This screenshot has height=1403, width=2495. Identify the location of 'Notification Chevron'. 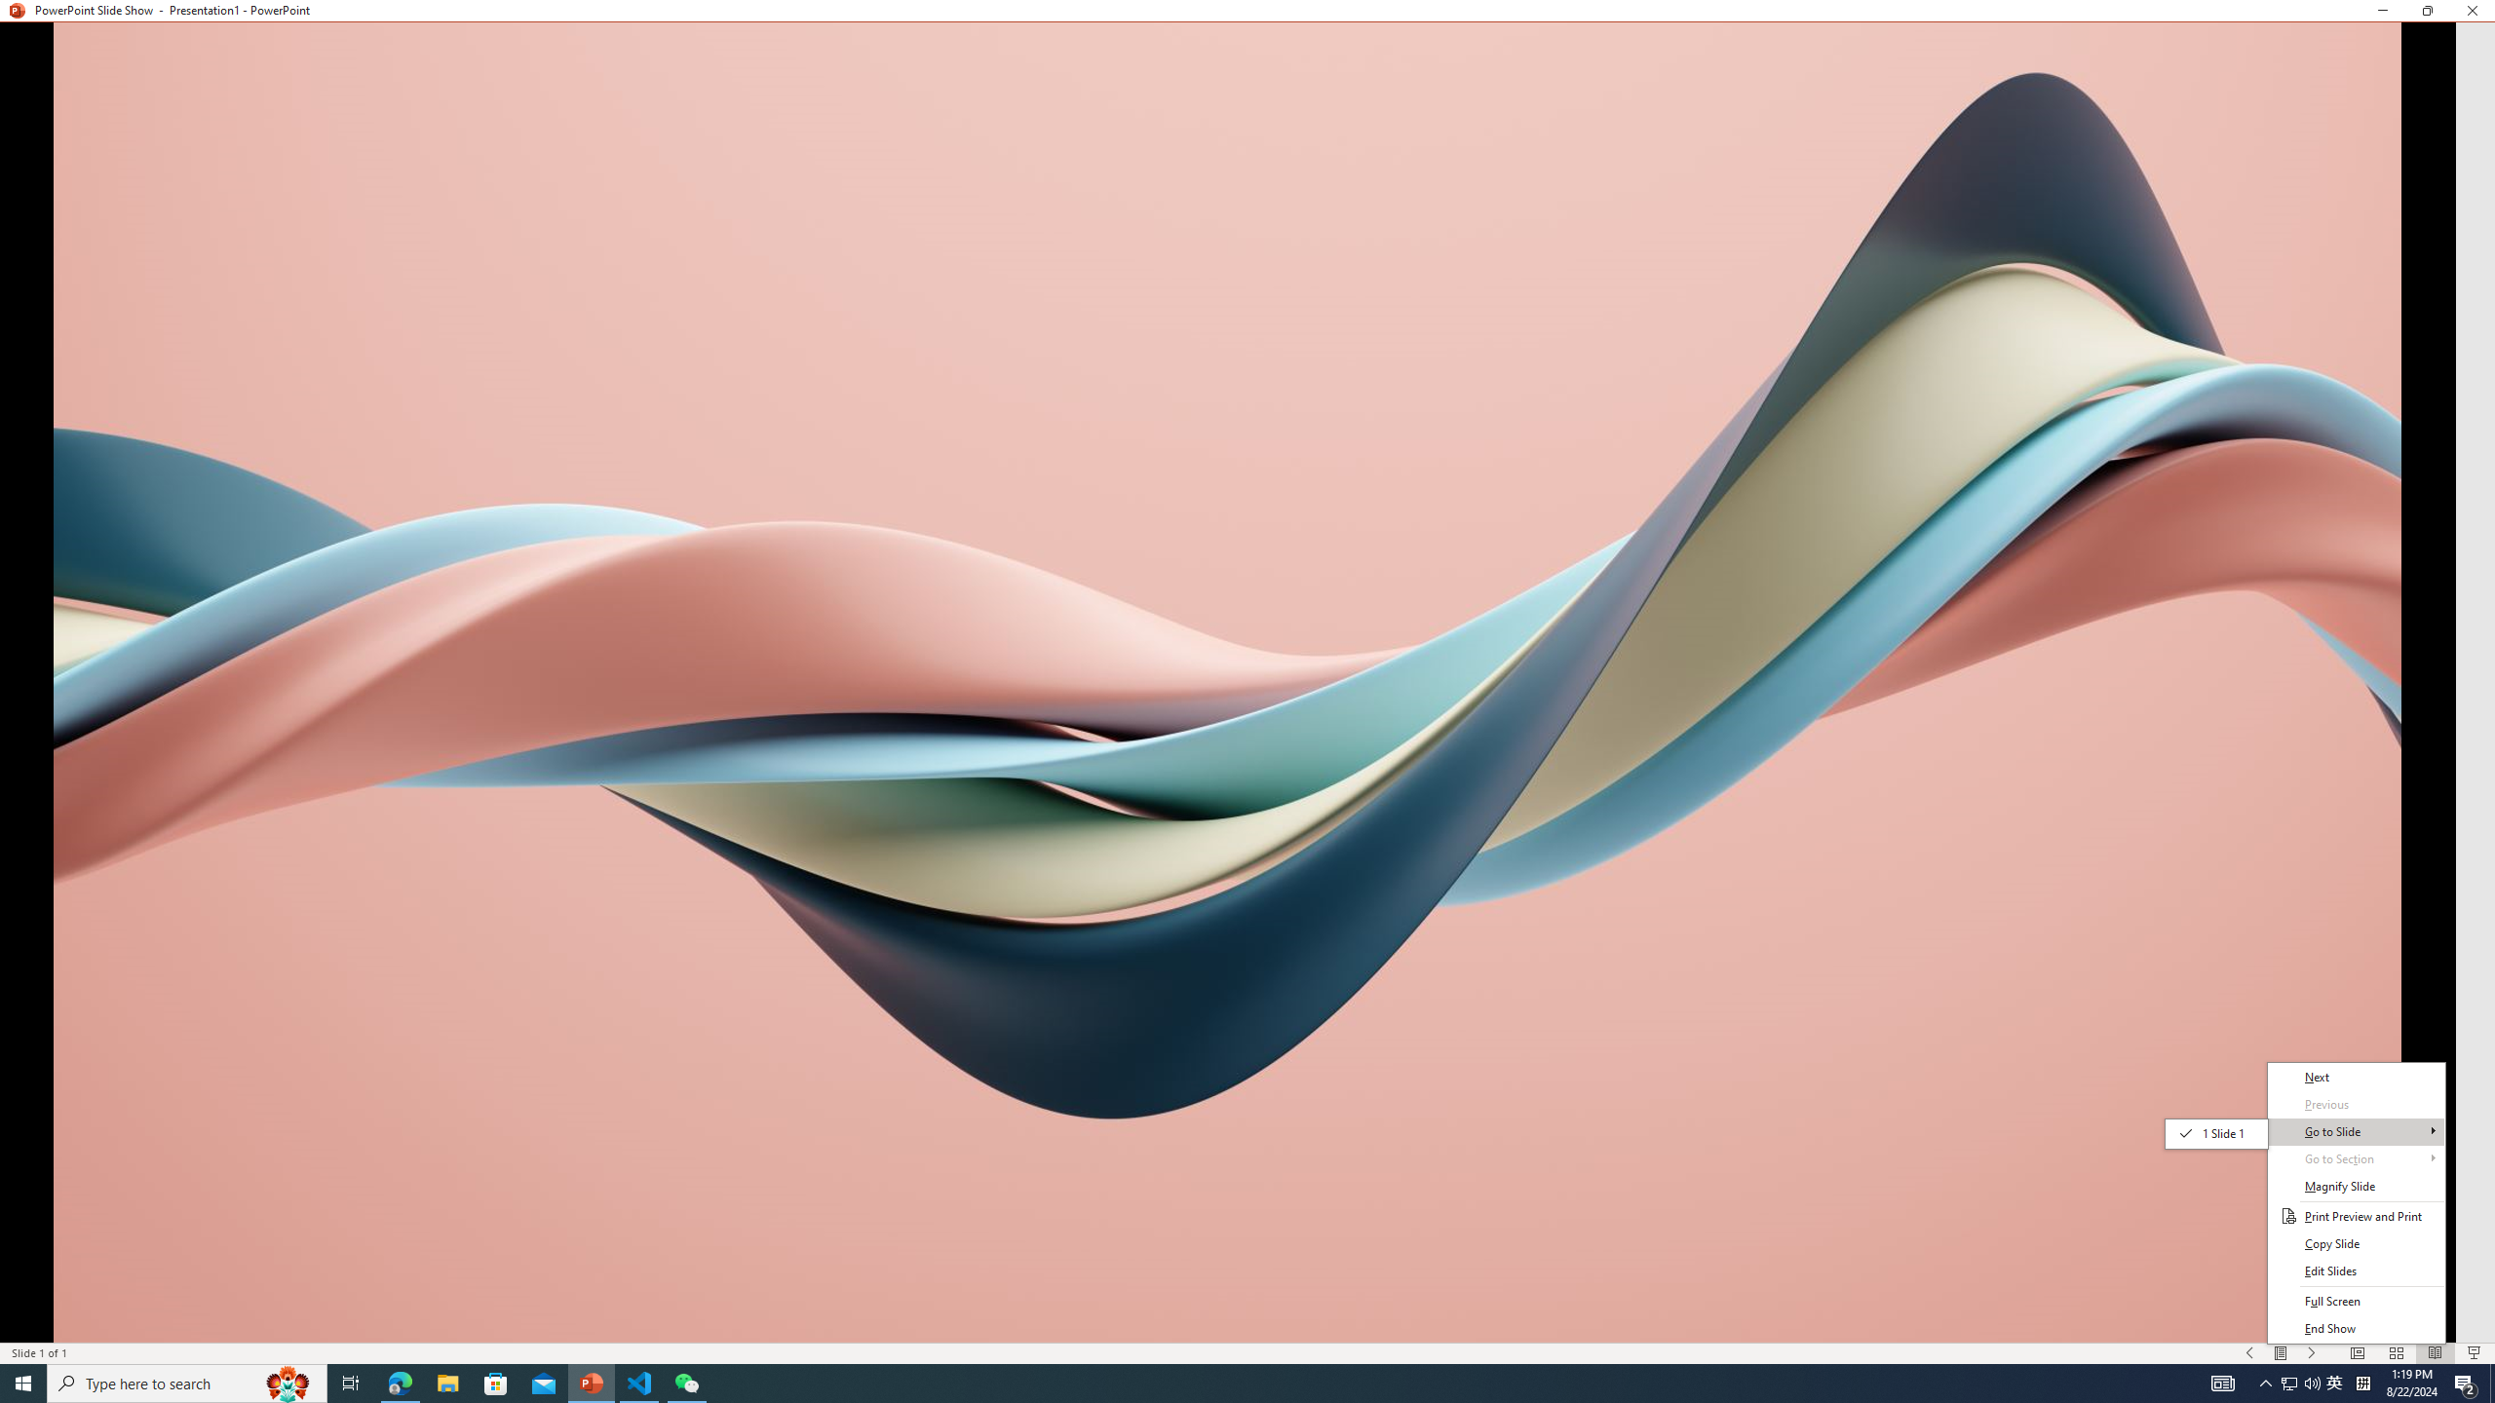
(2265, 1382).